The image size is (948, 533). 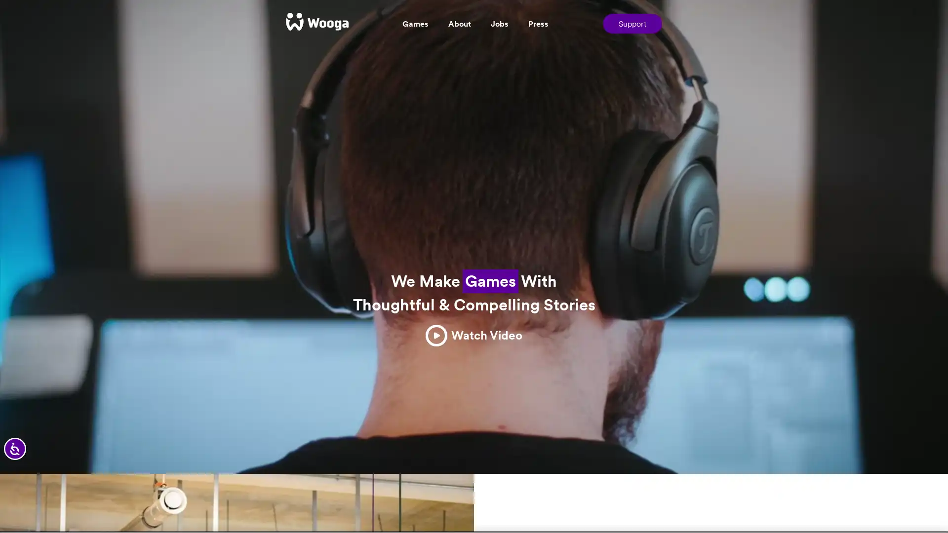 I want to click on Cookie Settings, so click(x=650, y=506).